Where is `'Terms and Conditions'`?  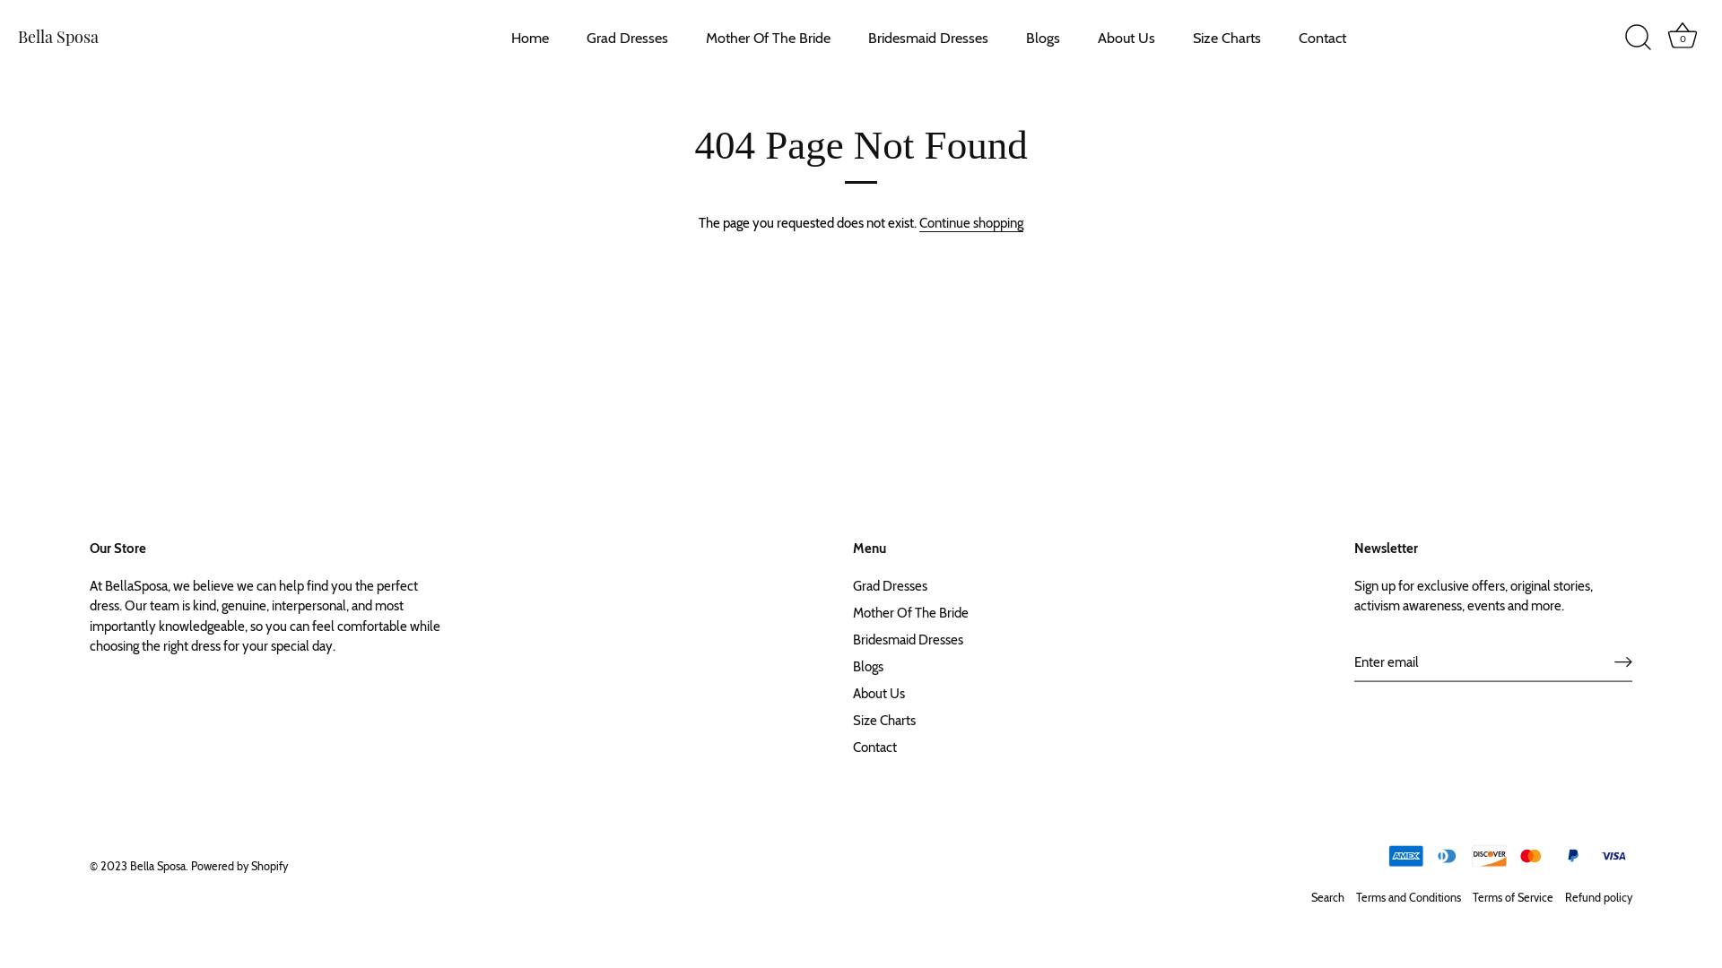 'Terms and Conditions' is located at coordinates (1407, 896).